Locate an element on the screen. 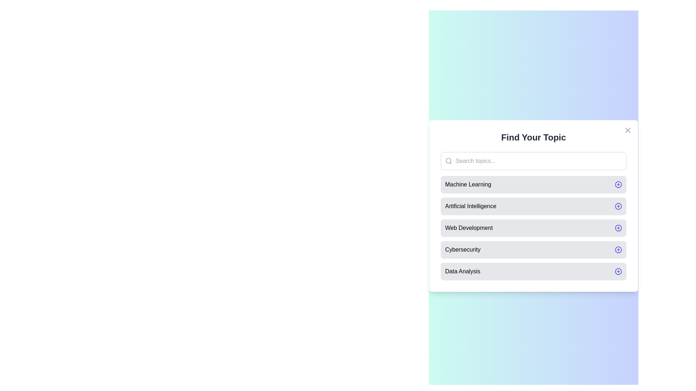 The width and height of the screenshot is (696, 391). the plus icon next to Machine Learning is located at coordinates (618, 184).